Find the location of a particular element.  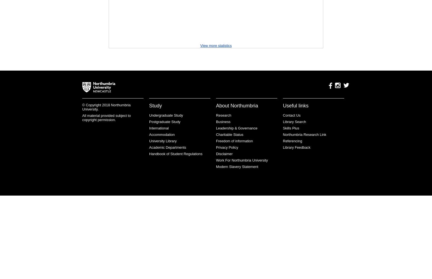

'Handbook of Student Regulations' is located at coordinates (175, 154).